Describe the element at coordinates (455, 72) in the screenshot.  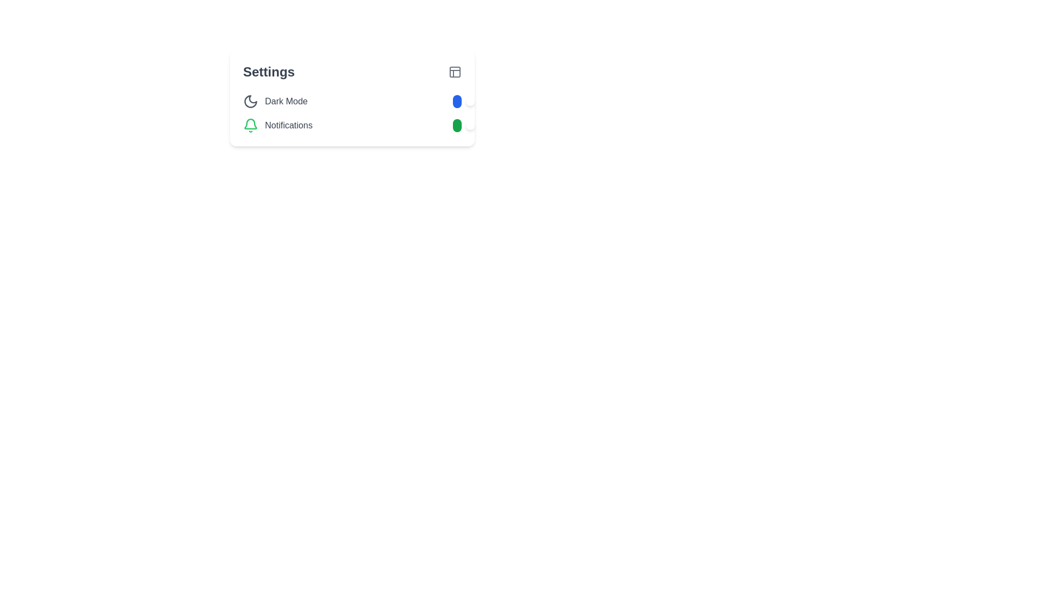
I see `the icon located in the top-right corner of the 'Settings' section, positioned to the right of the title text` at that location.